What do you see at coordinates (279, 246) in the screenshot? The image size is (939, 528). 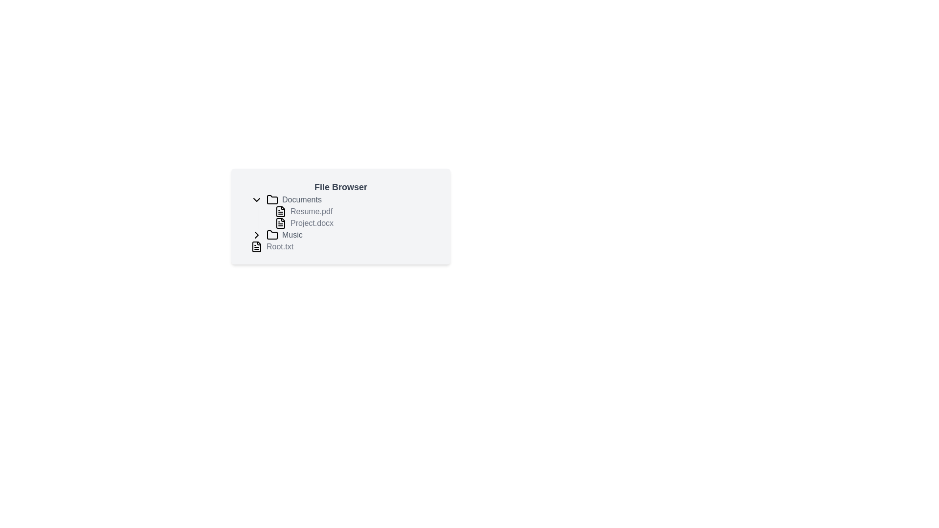 I see `the text label displaying 'Root.txt', which is styled in gray and located at the bottom of the 'File Browser' section` at bounding box center [279, 246].